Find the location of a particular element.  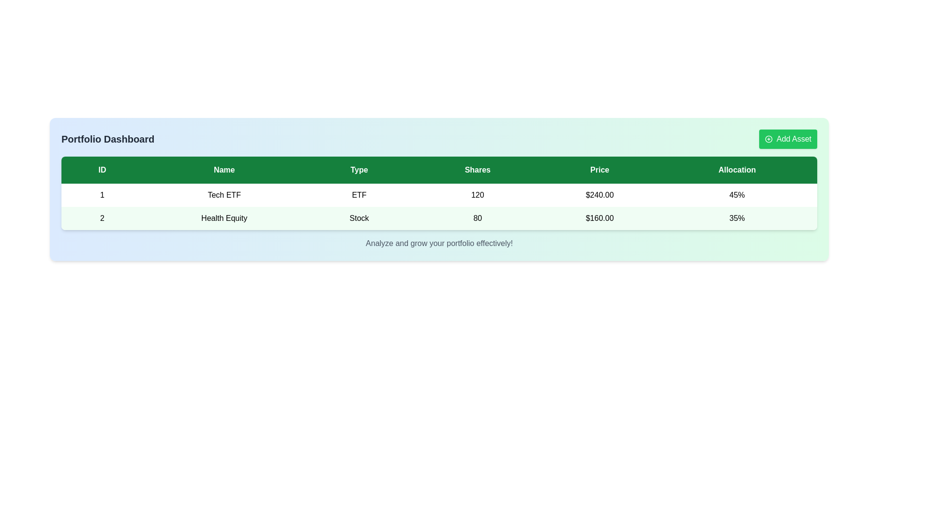

the Table Header element labeled 'Type' with a bold, white font on a green background, located as the third column in the header row of the table is located at coordinates (359, 169).